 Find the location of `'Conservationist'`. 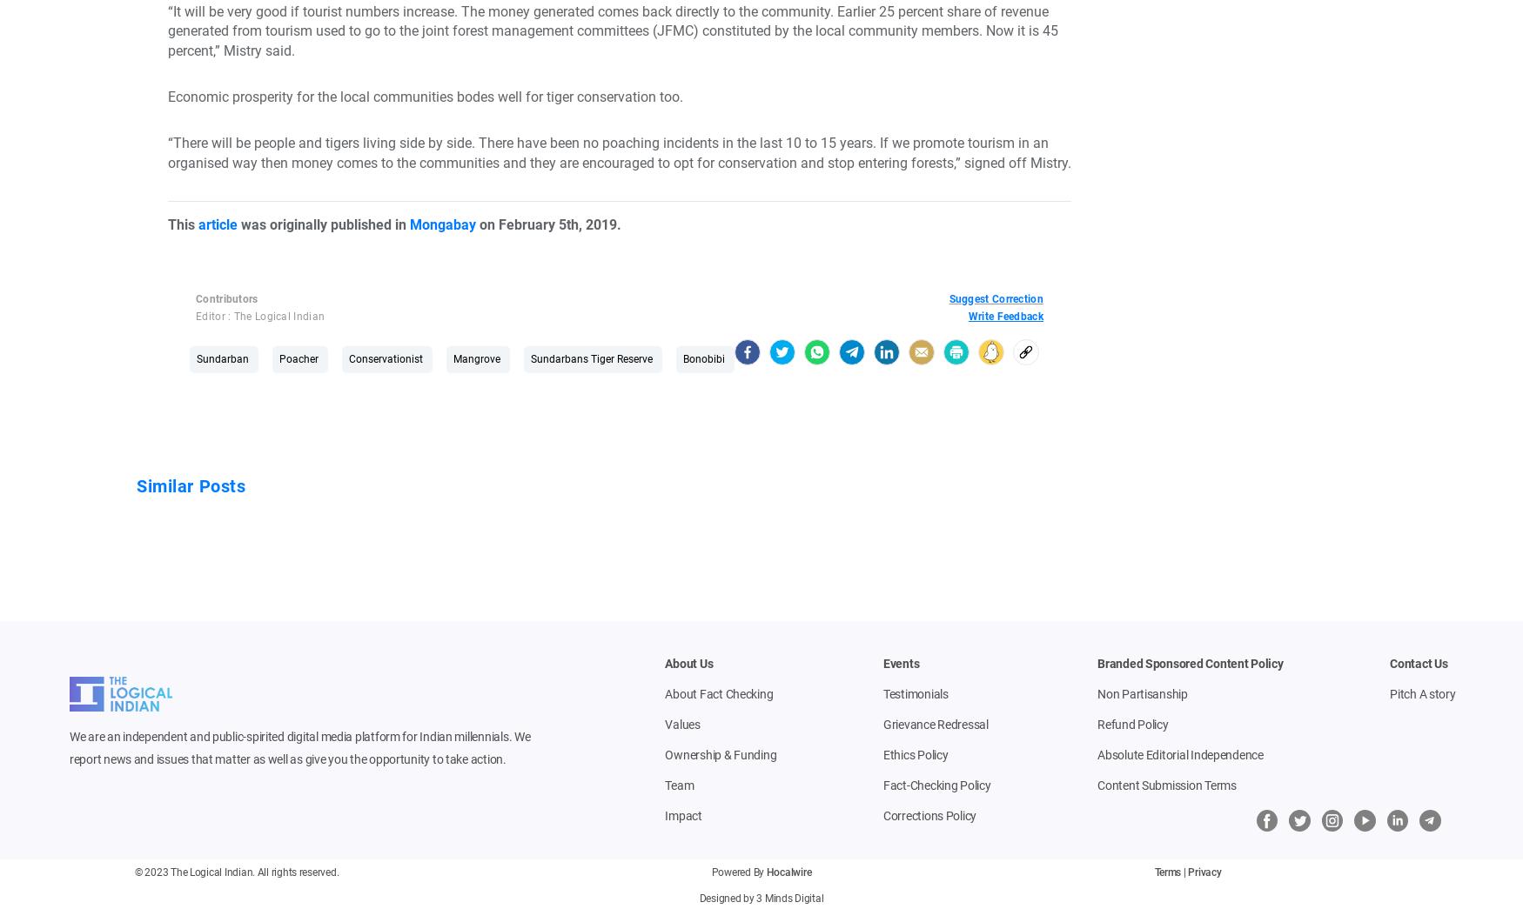

'Conservationist' is located at coordinates (387, 358).